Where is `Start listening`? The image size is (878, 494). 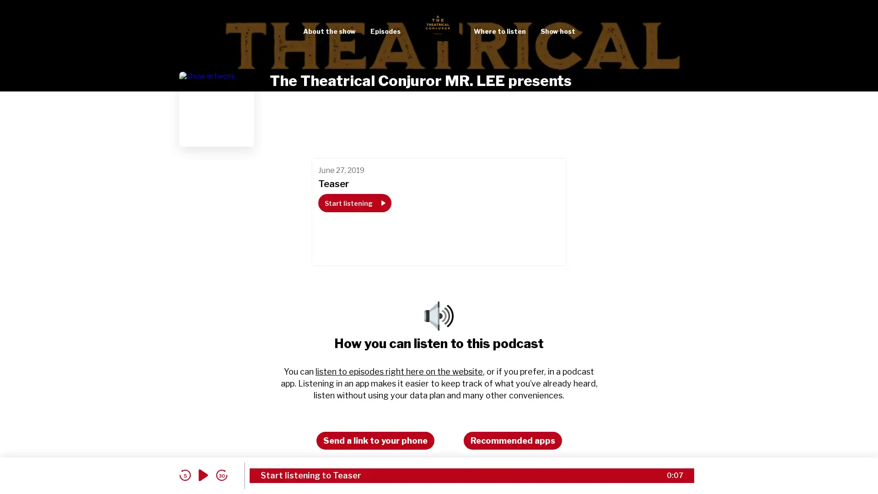 Start listening is located at coordinates (353, 202).